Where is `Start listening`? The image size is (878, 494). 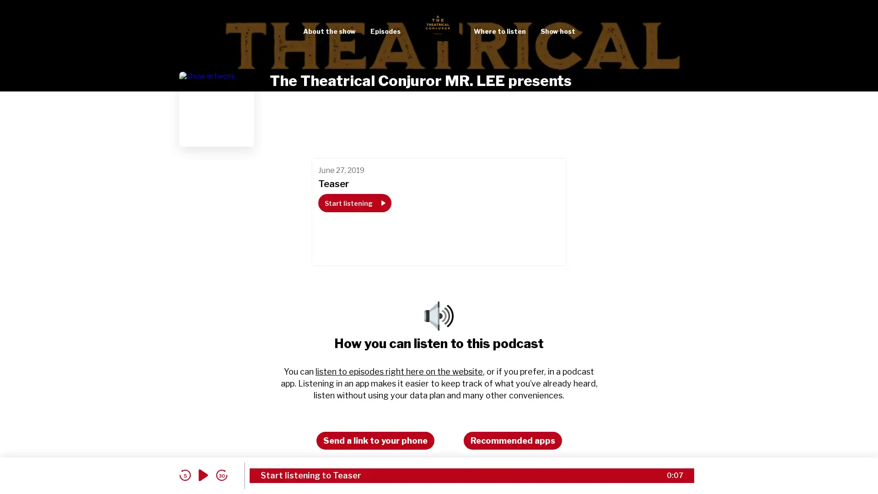 Start listening is located at coordinates (353, 202).